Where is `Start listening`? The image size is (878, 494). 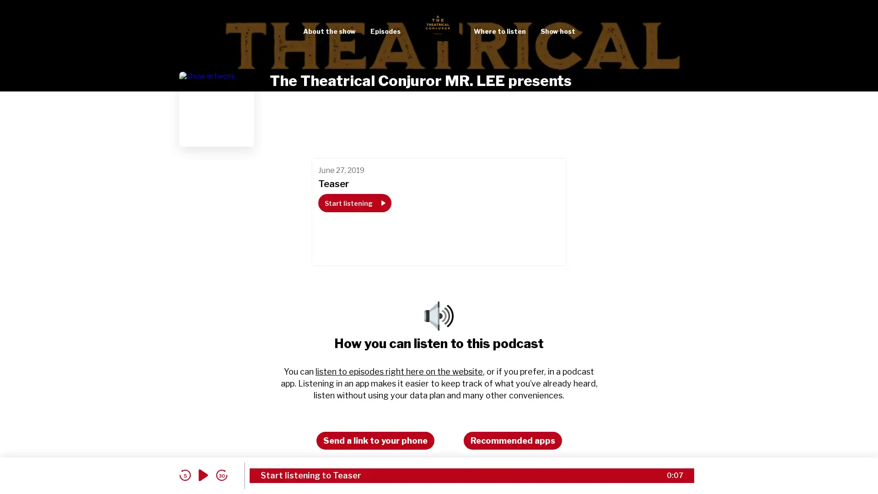 Start listening is located at coordinates (353, 202).